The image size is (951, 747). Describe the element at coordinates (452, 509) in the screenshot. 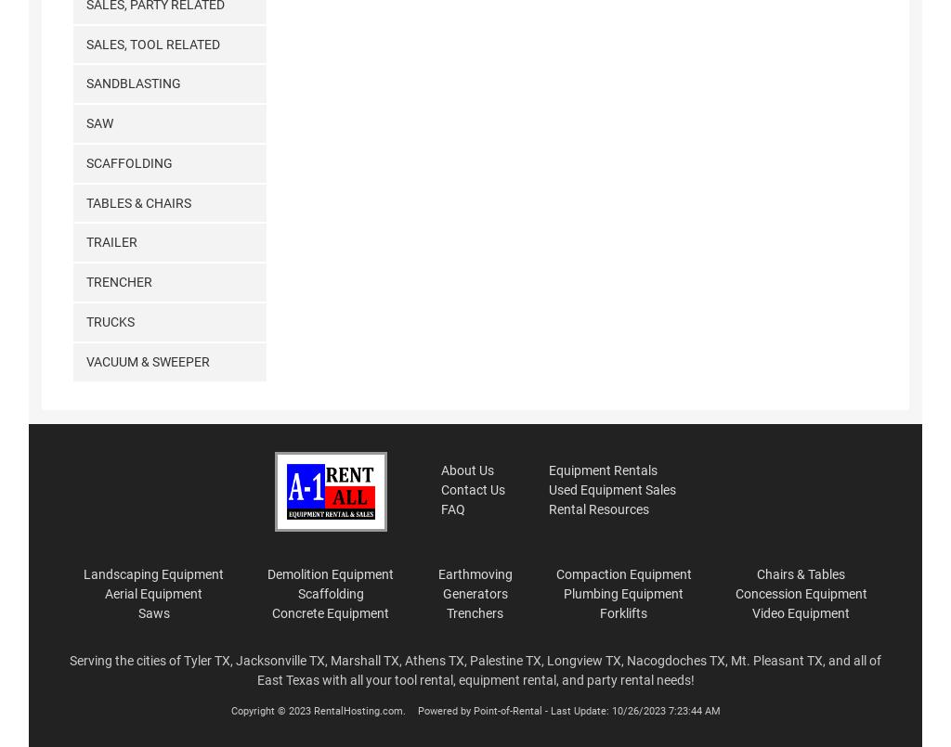

I see `'FAQ'` at that location.